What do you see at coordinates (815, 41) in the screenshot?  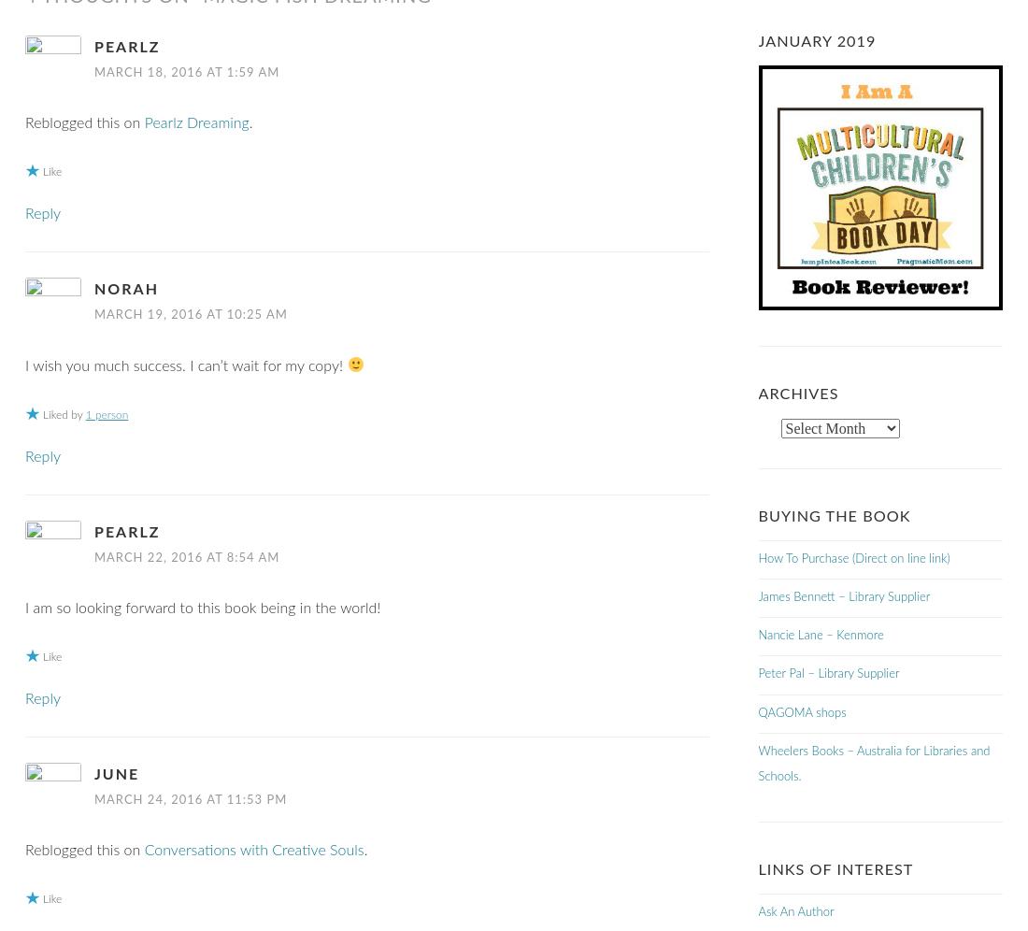 I see `'January 2019'` at bounding box center [815, 41].